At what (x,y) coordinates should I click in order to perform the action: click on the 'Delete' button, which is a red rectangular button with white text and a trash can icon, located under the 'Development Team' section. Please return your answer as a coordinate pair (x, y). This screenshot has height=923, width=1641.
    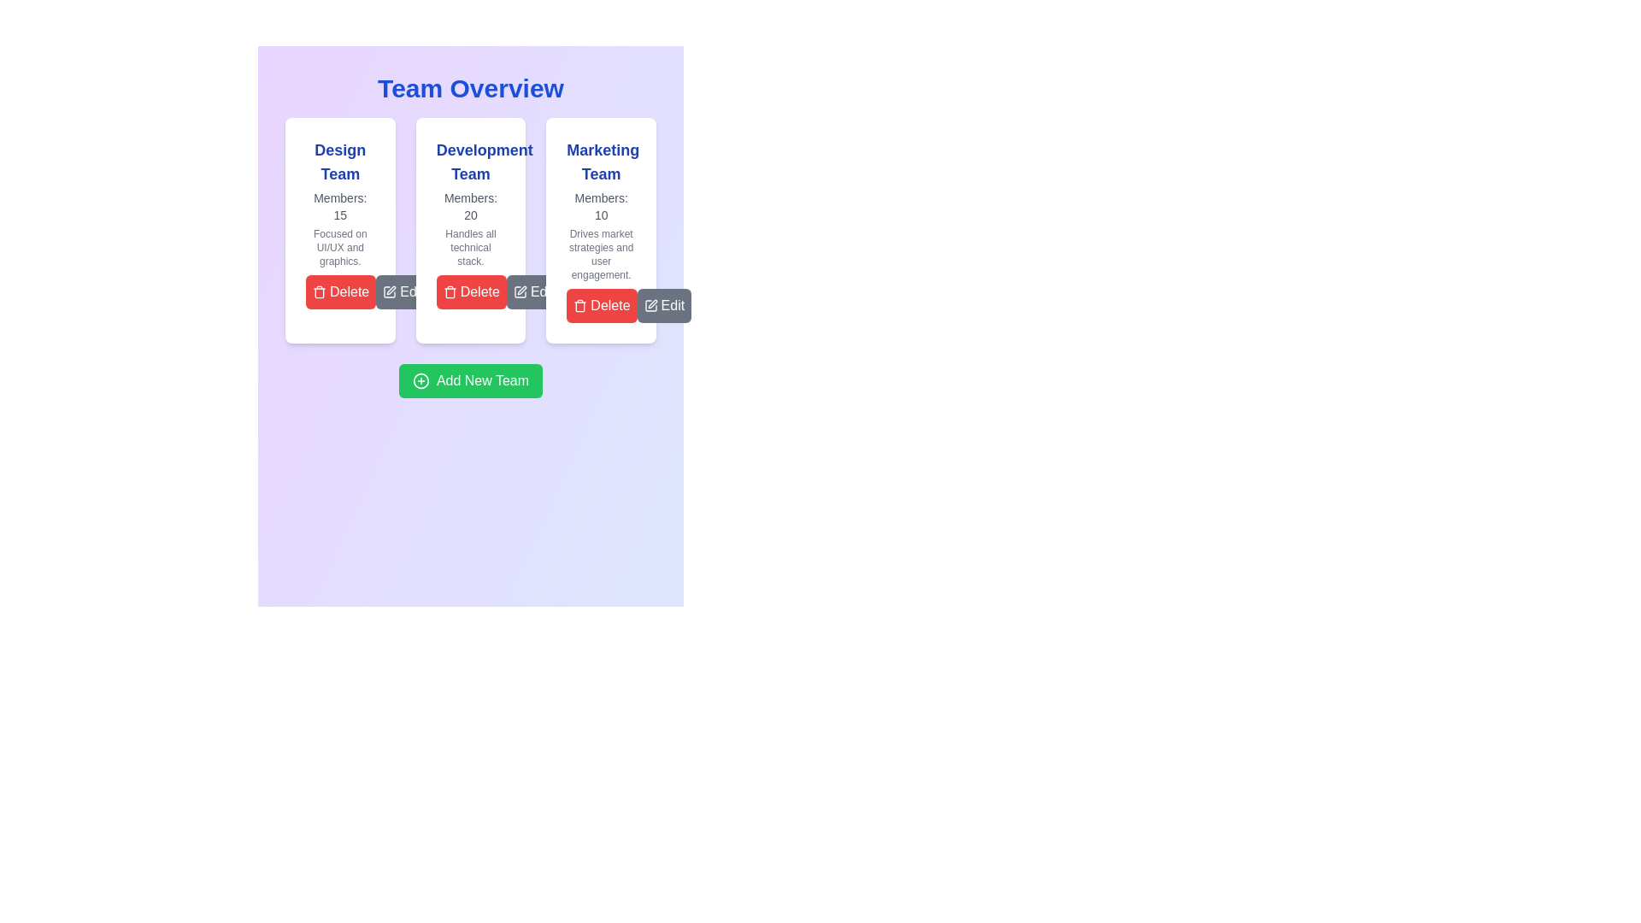
    Looking at the image, I should click on (471, 291).